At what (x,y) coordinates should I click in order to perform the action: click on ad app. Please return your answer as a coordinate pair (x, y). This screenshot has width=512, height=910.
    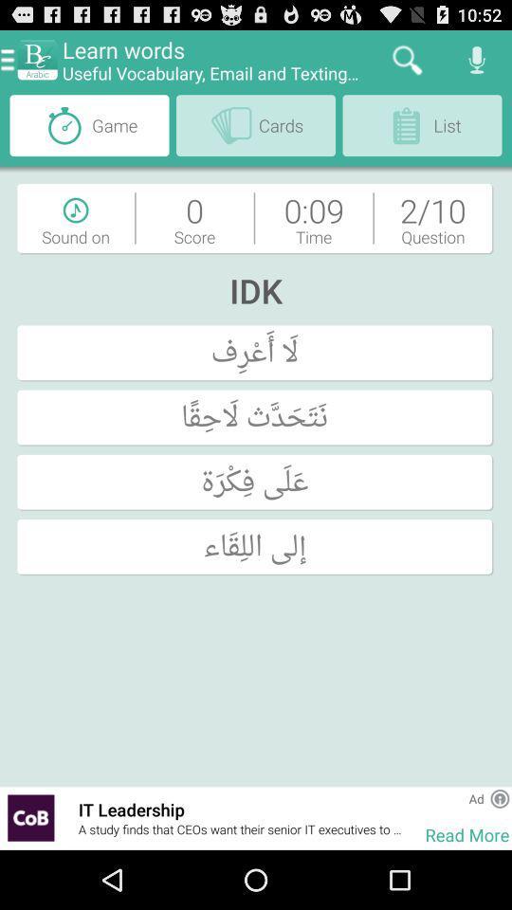
    Looking at the image, I should click on (475, 797).